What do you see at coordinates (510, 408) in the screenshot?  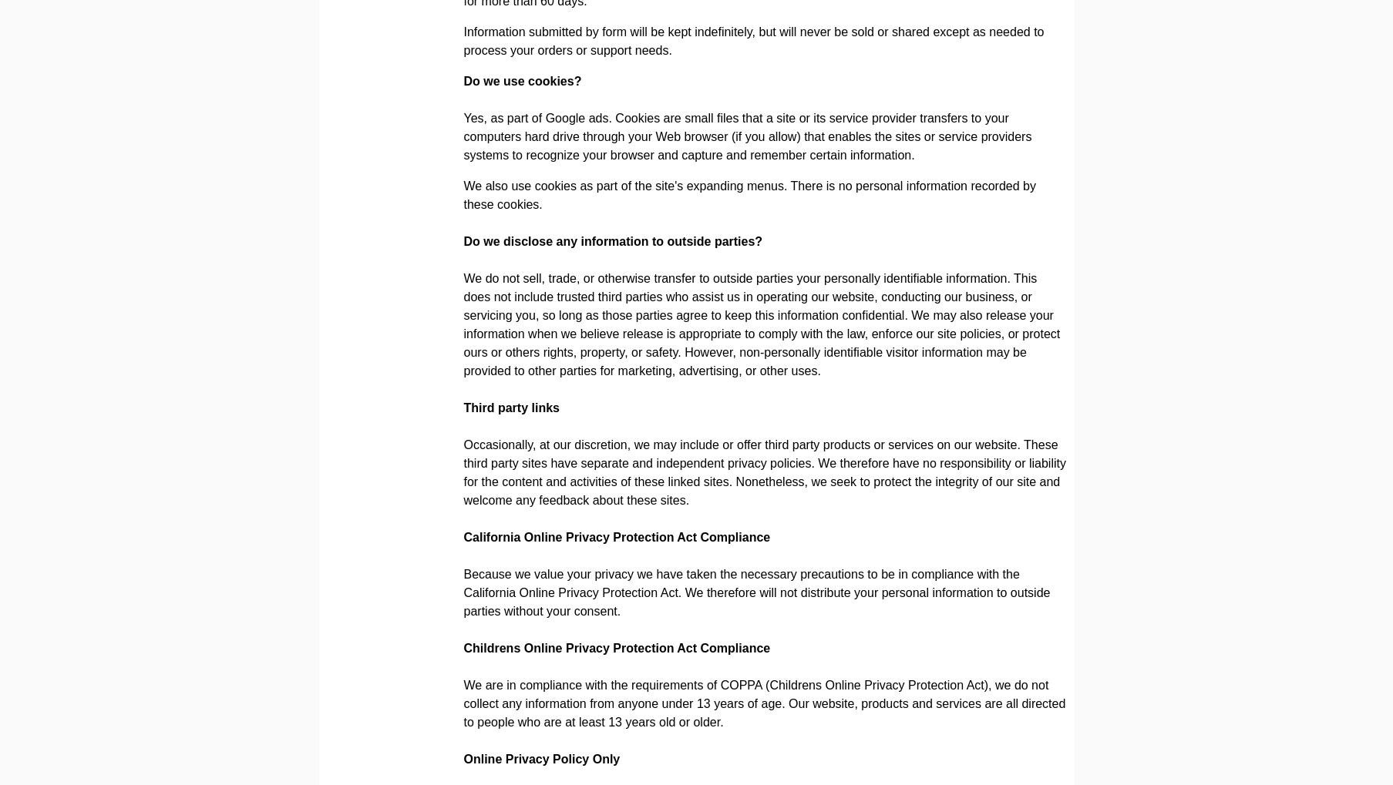 I see `'Third party links'` at bounding box center [510, 408].